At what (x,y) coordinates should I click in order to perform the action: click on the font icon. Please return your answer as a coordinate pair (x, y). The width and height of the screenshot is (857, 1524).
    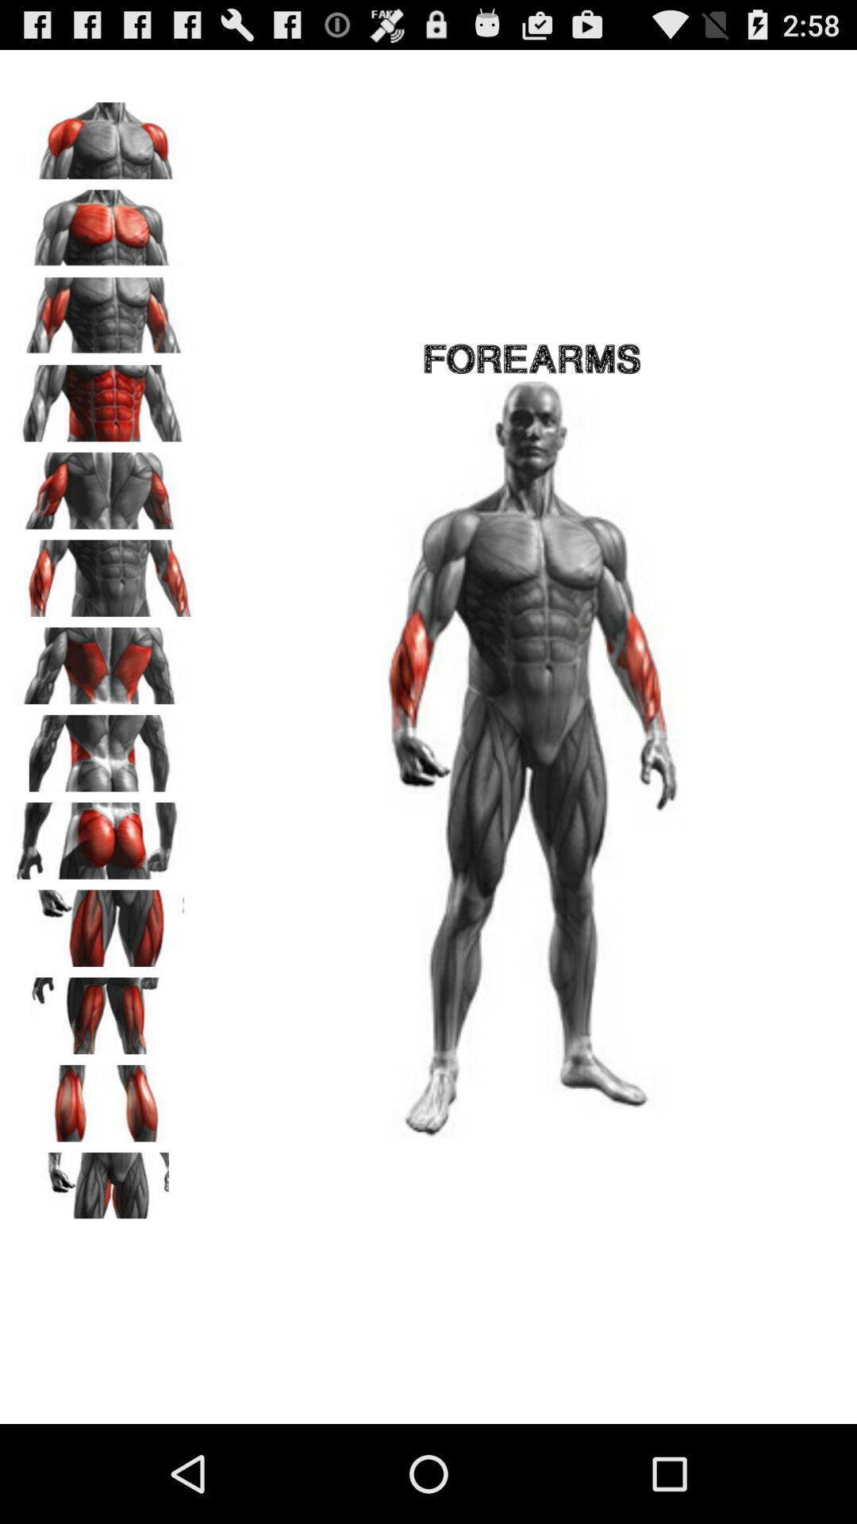
    Looking at the image, I should click on (104, 1080).